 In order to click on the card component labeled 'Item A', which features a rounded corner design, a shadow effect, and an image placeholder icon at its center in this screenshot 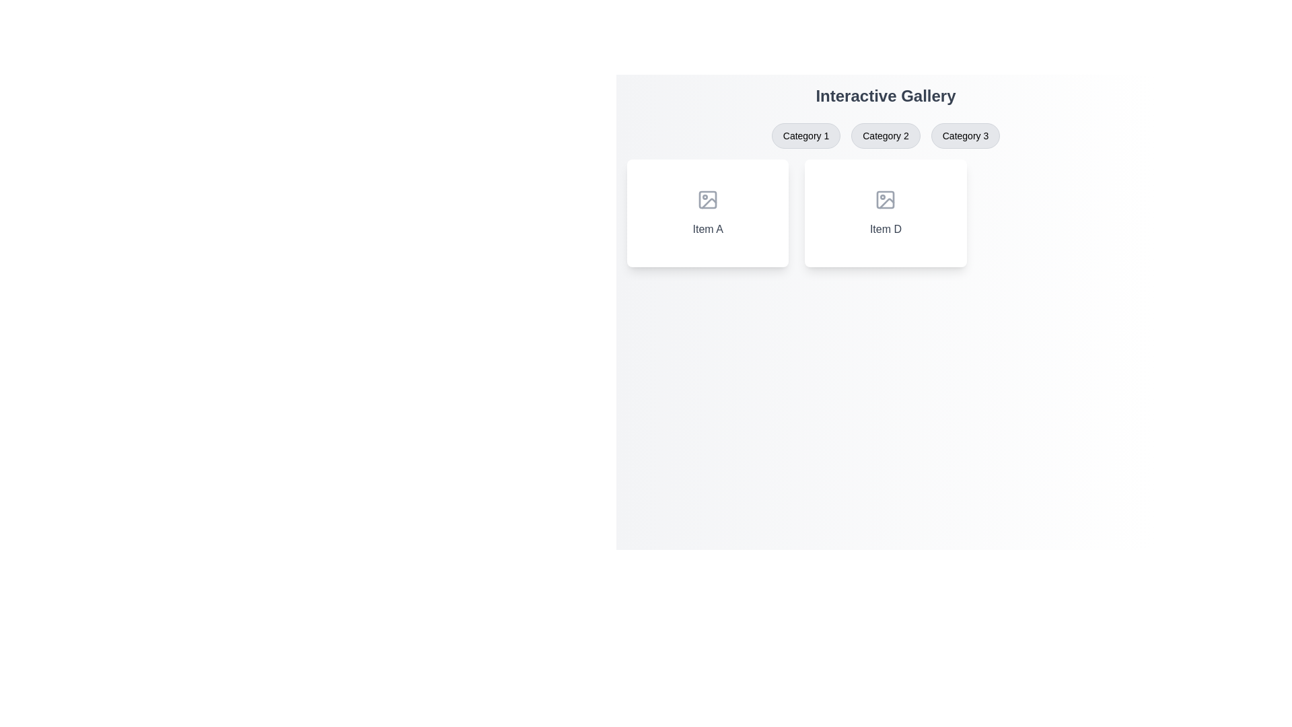, I will do `click(707, 212)`.